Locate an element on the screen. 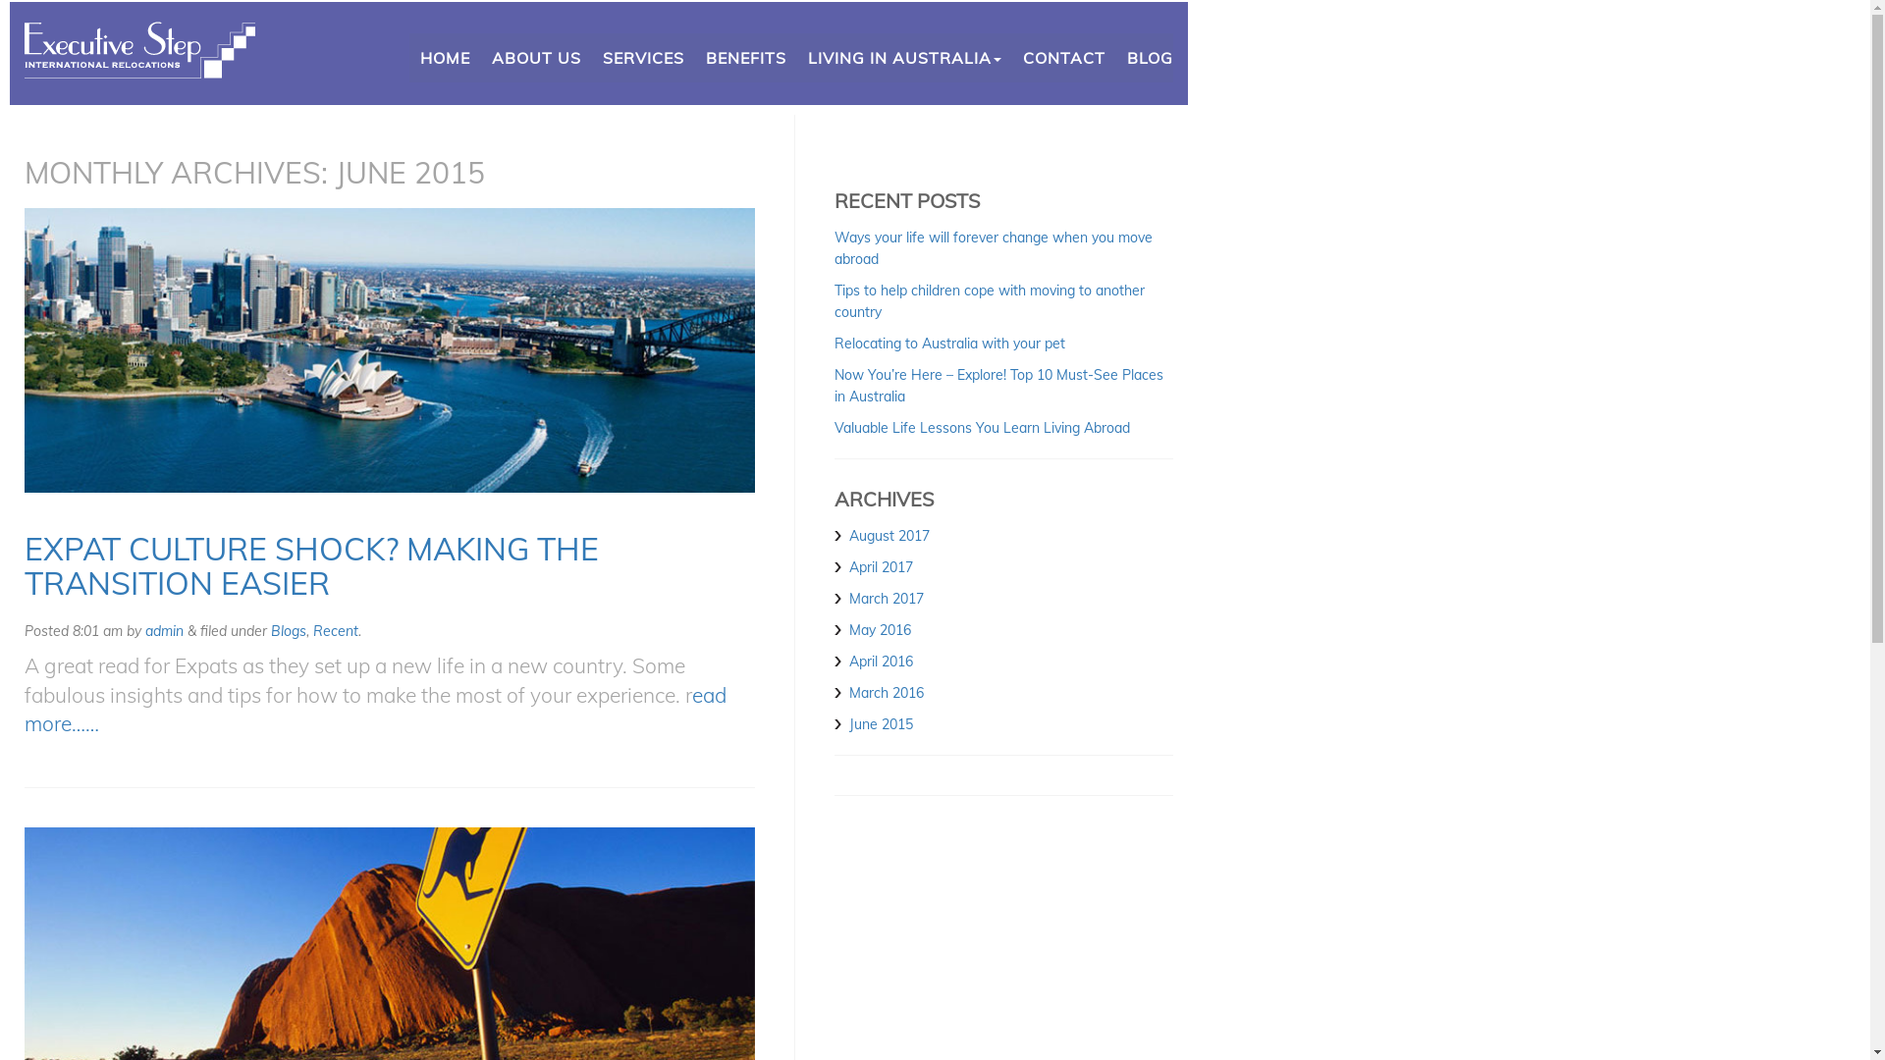 The width and height of the screenshot is (1885, 1060). 'International Relocators' is located at coordinates (145, 62).